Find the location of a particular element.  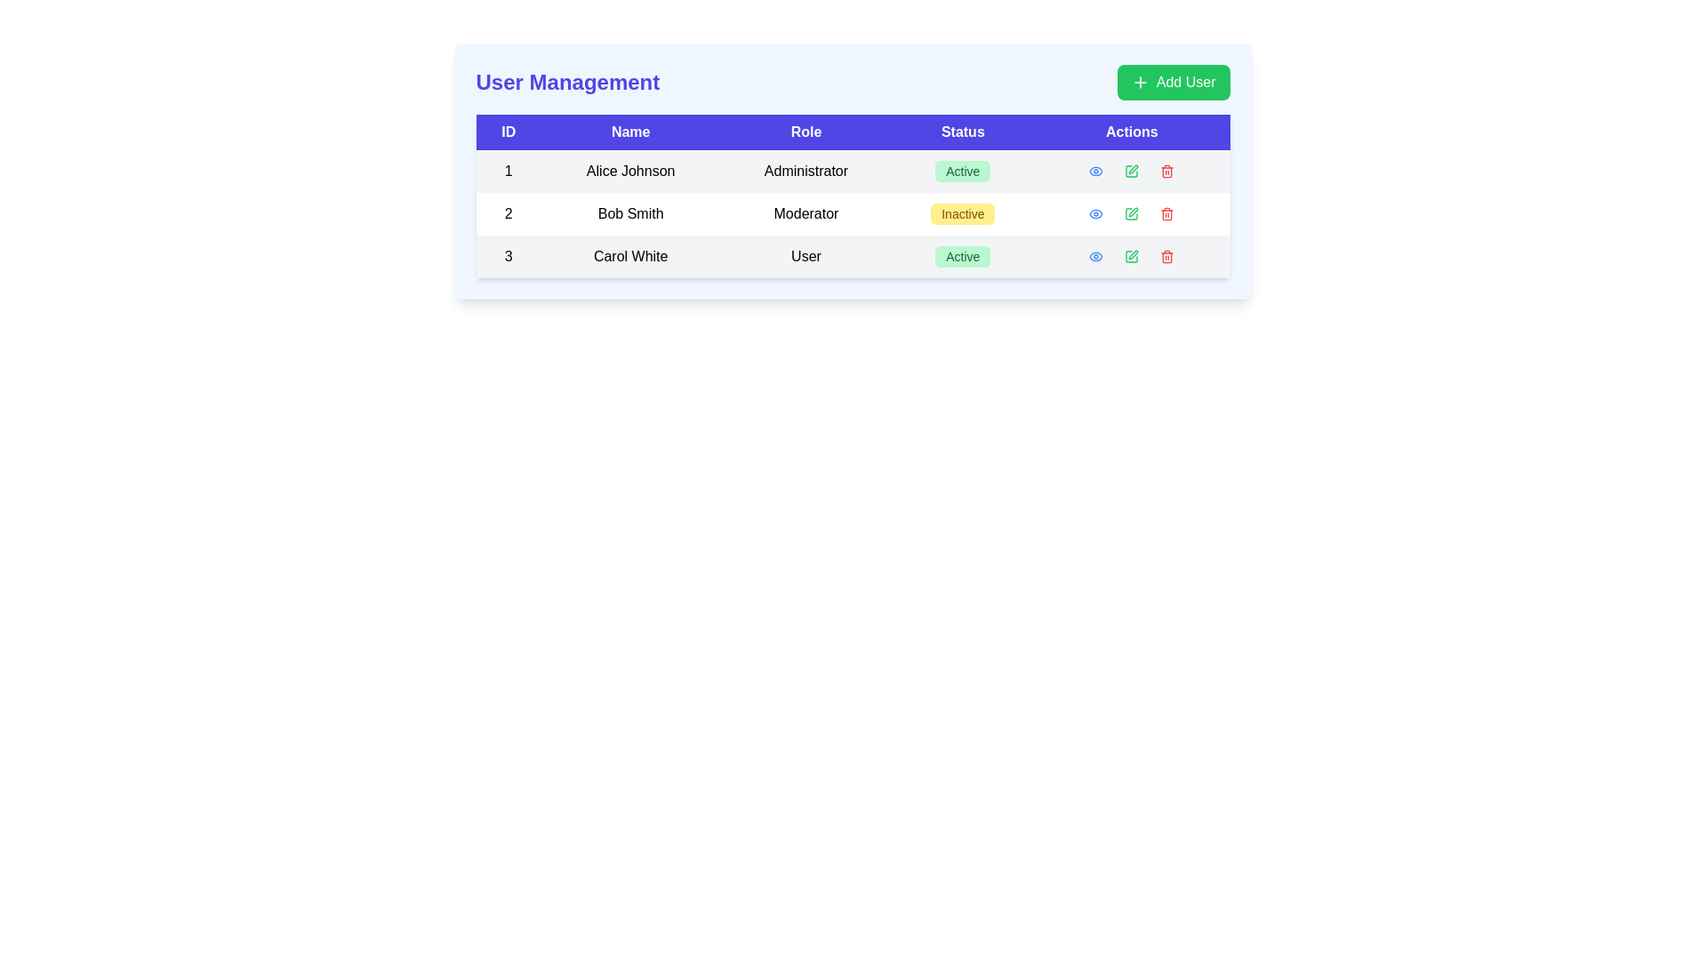

to select the first table row displaying user information for 'Alice Johnson', which includes ID '1', role 'Administrator', and status 'Active' is located at coordinates (852, 171).